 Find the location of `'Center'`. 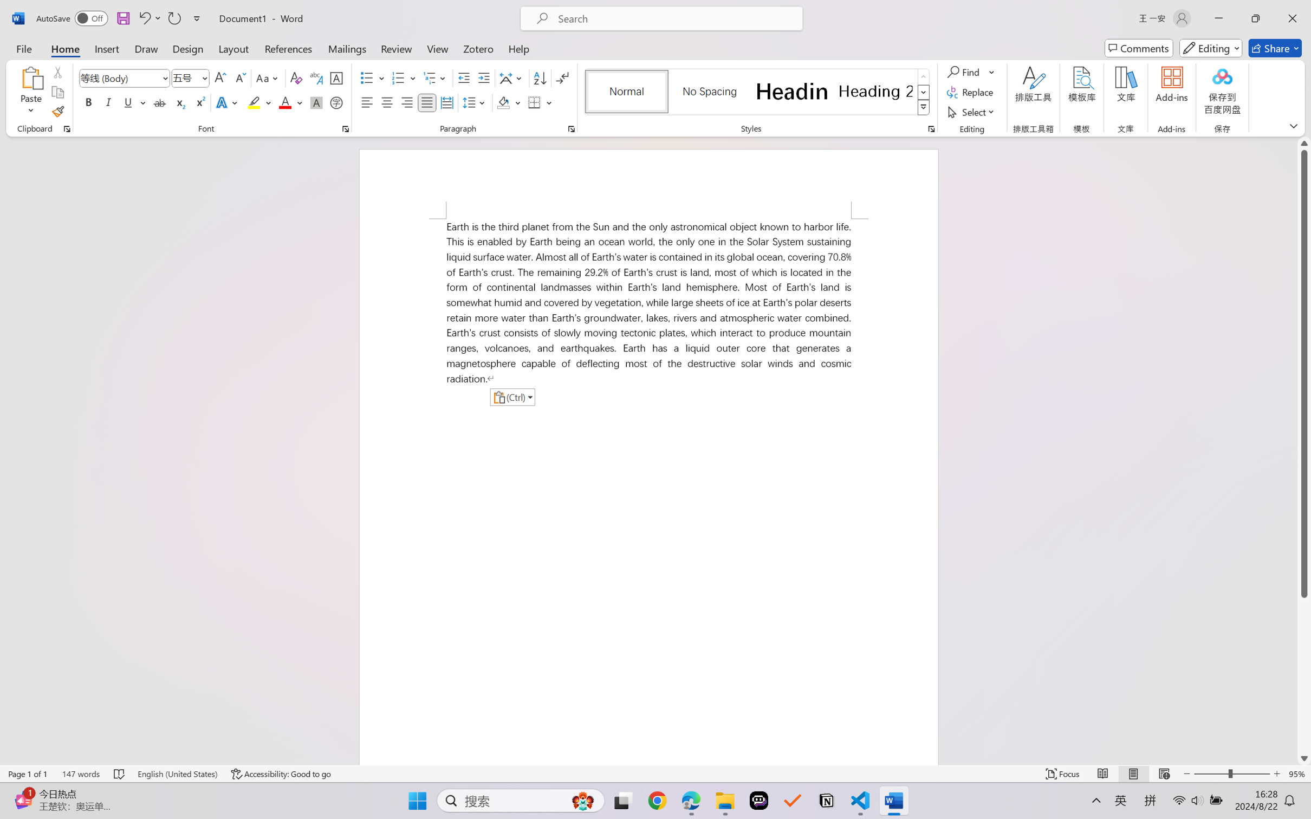

'Center' is located at coordinates (386, 102).